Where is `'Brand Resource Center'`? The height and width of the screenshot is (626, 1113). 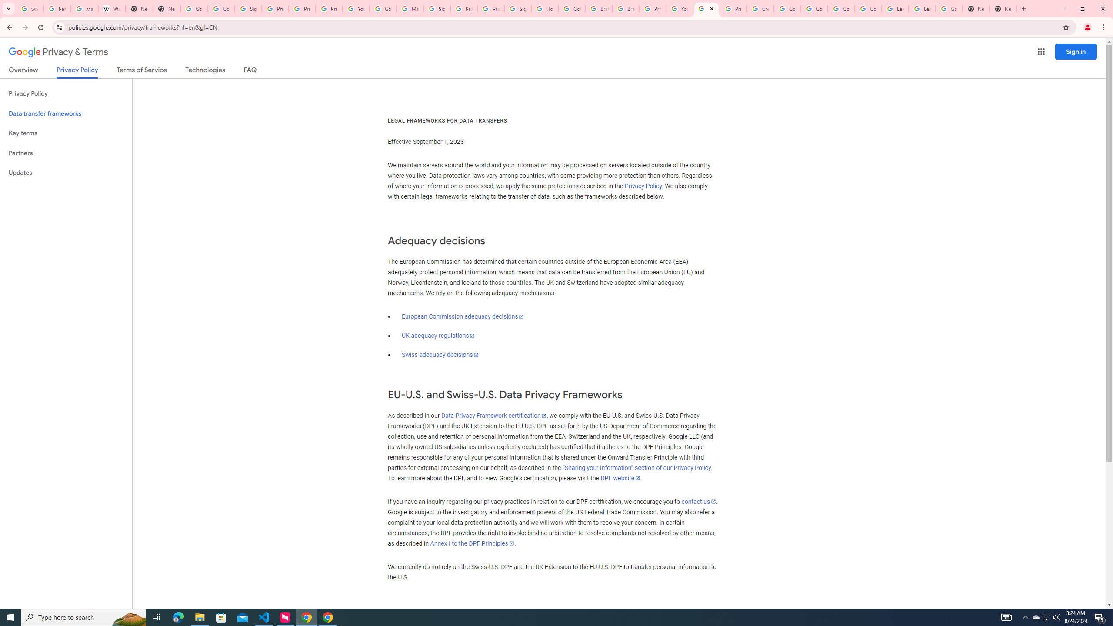 'Brand Resource Center' is located at coordinates (625, 8).